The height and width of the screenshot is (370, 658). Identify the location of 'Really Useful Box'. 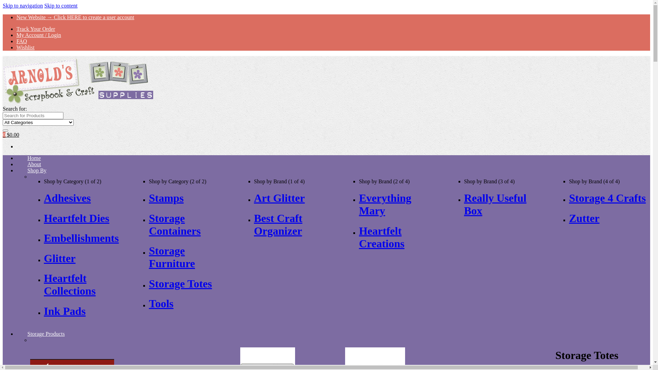
(495, 204).